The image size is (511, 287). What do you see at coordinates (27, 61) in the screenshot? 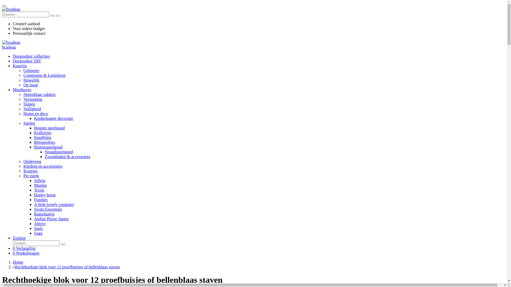
I see `'Doopsuiker DIY'` at bounding box center [27, 61].